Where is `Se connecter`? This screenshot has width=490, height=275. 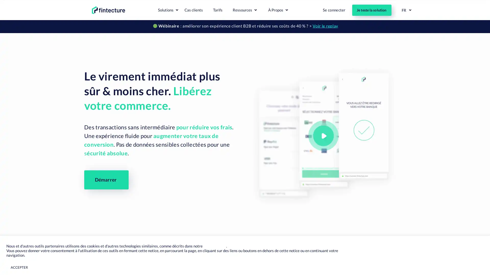 Se connecter is located at coordinates (334, 10).